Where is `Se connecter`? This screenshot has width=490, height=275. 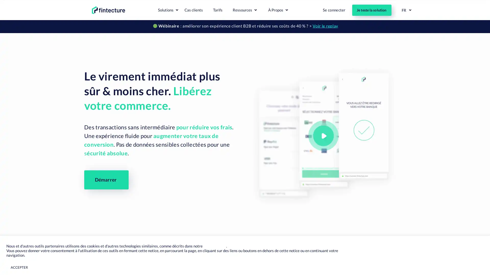 Se connecter is located at coordinates (334, 10).